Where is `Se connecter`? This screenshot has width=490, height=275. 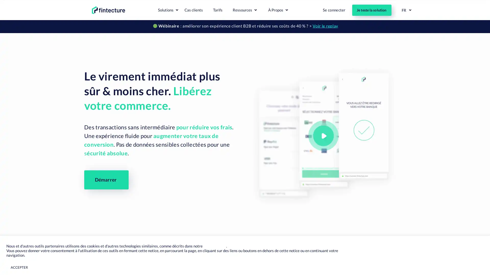 Se connecter is located at coordinates (334, 10).